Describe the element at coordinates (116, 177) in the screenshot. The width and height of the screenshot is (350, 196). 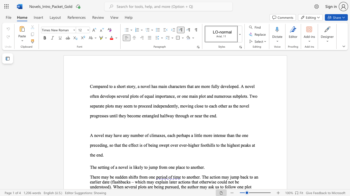
I see `the subset text "udden shifts from on" within the text "There may be sudden shifts from one"` at that location.